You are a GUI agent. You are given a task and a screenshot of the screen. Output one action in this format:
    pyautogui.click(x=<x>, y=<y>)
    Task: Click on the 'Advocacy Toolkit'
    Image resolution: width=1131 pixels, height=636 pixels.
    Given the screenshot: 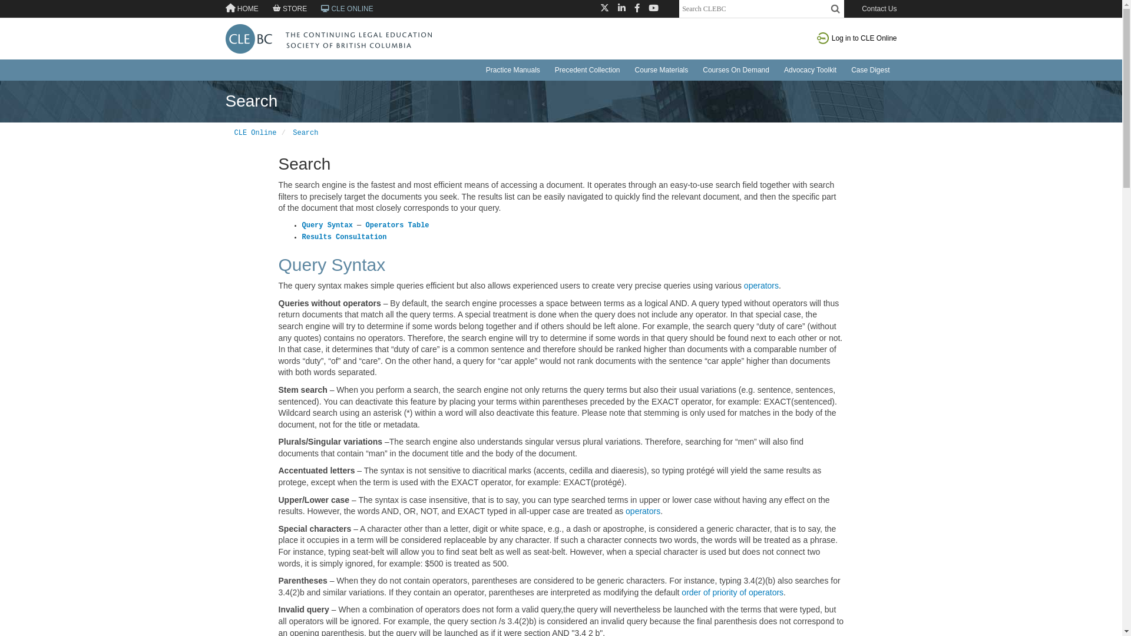 What is the action you would take?
    pyautogui.click(x=809, y=70)
    